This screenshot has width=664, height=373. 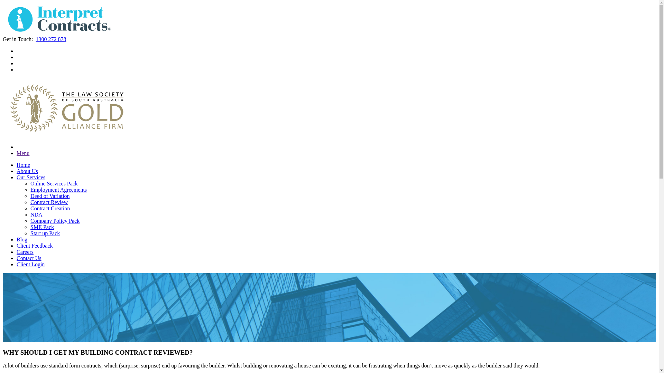 I want to click on 'Home', so click(x=17, y=165).